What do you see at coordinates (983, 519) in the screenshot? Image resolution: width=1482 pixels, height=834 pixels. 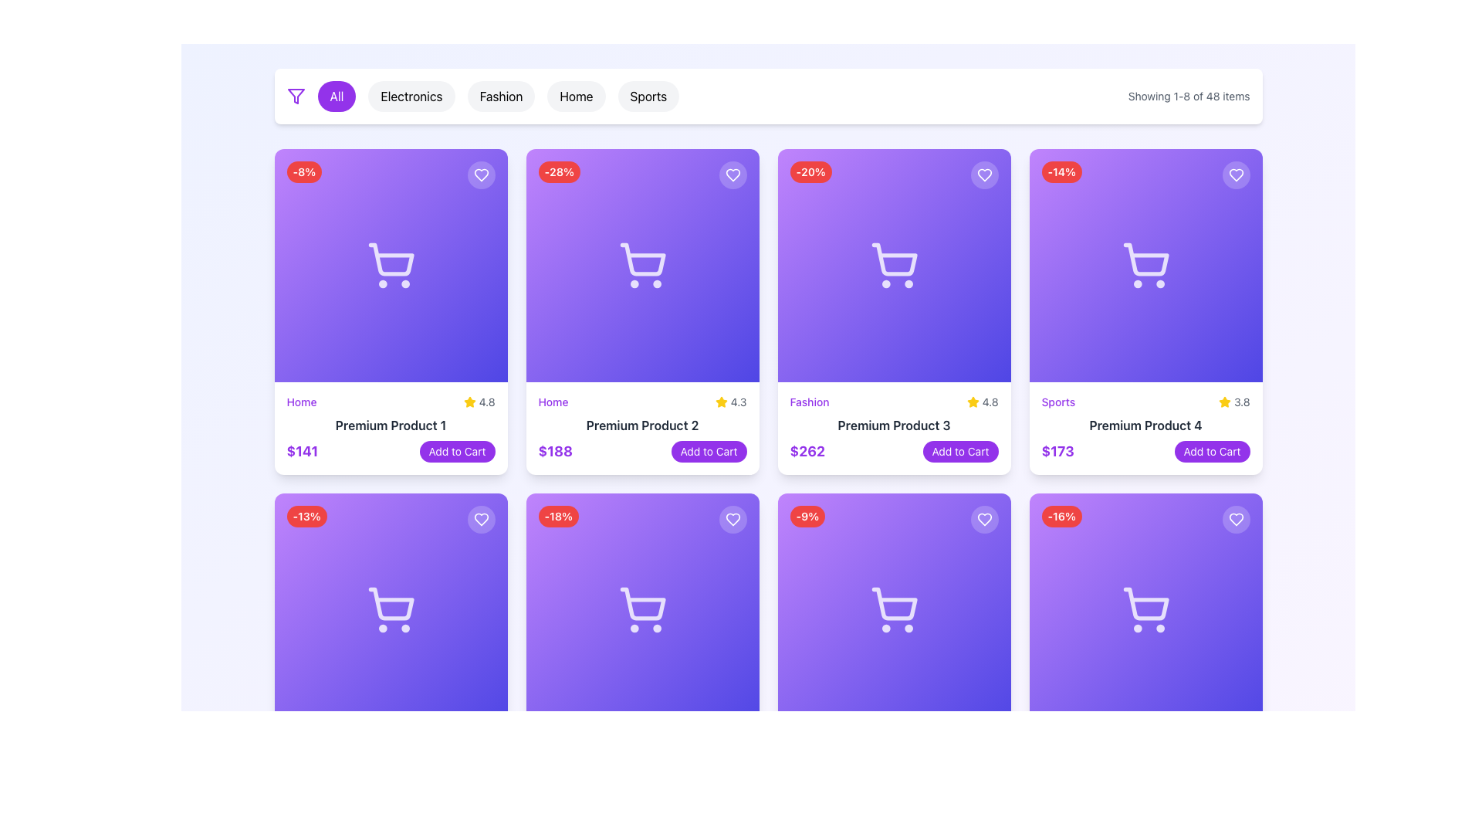 I see `the circular Icon Button with a heart outline in the top-right corner of the product card` at bounding box center [983, 519].